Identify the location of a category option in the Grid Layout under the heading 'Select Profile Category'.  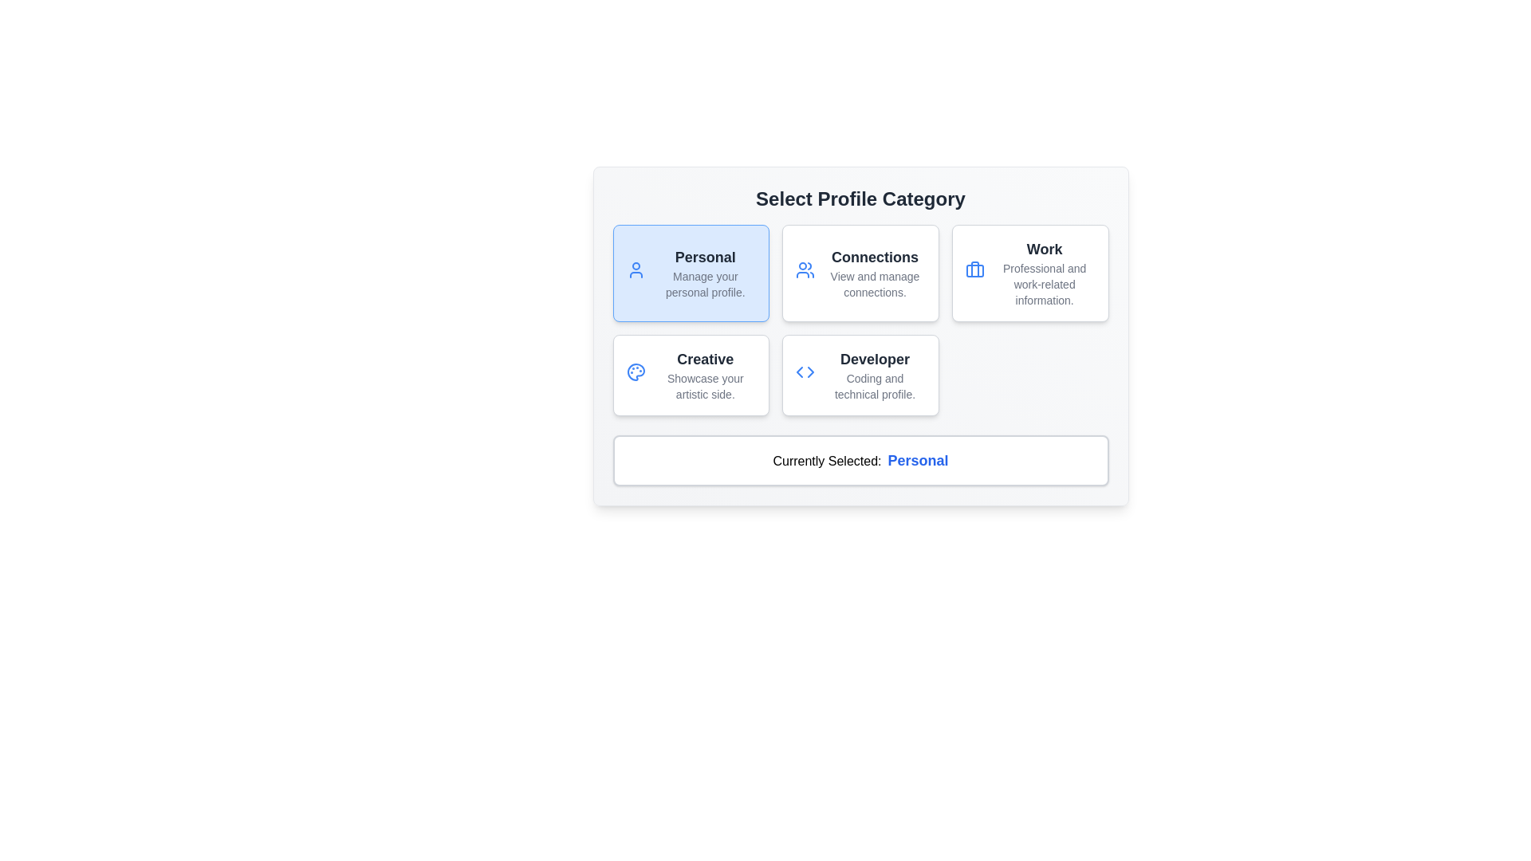
(860, 320).